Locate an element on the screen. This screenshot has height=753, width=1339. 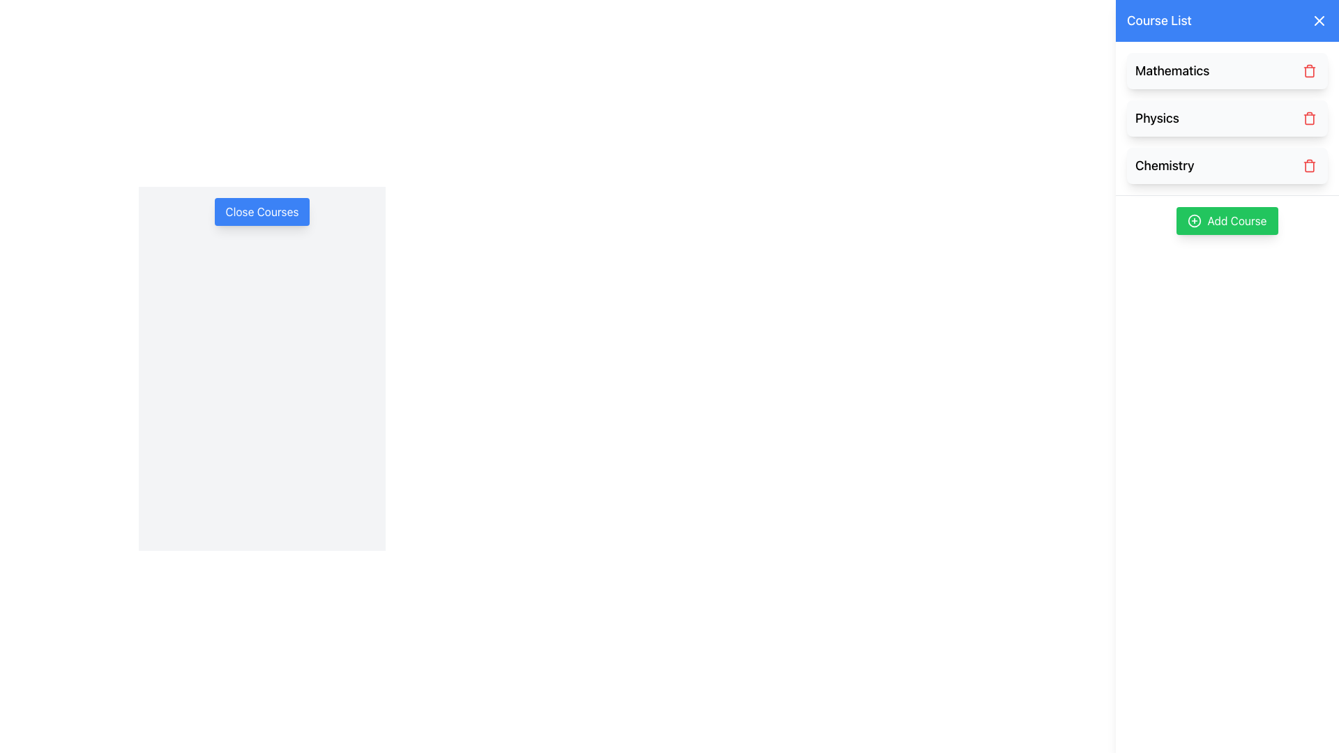
the 'Add Course' button located on the right side of the interface, below the list of courses is located at coordinates (1227, 220).